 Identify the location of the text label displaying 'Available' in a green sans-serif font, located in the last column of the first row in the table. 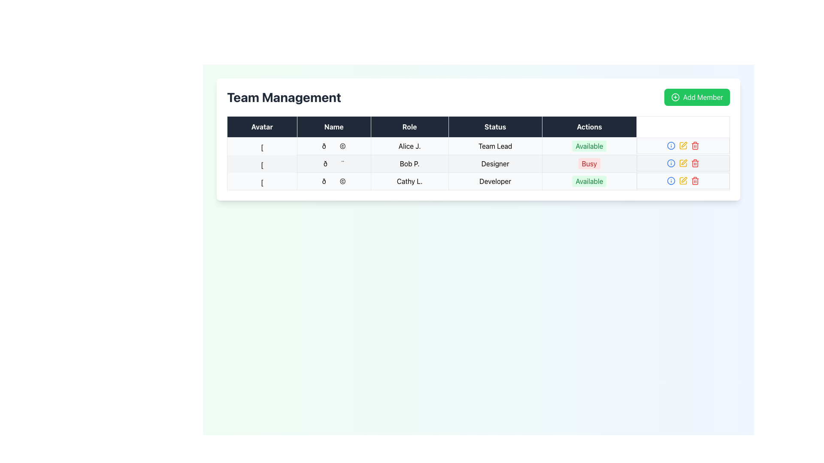
(589, 145).